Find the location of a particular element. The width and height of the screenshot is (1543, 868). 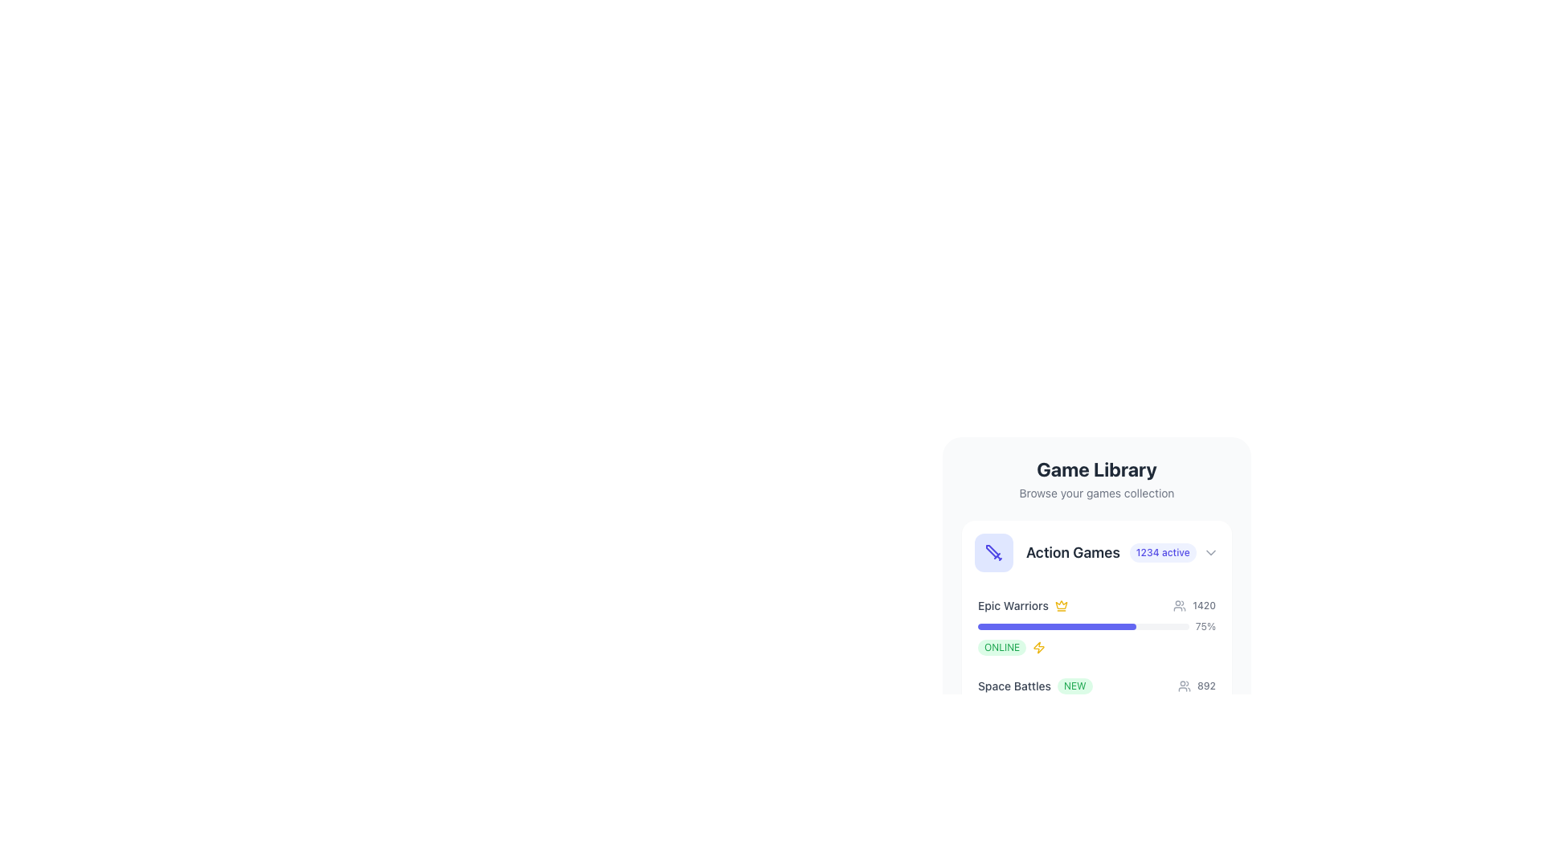

the progress bar indicating the current value, which is a horizontal bar with rounded corners, filled in purple and situated beneath the 'Epic Warriors' title is located at coordinates (1095, 625).